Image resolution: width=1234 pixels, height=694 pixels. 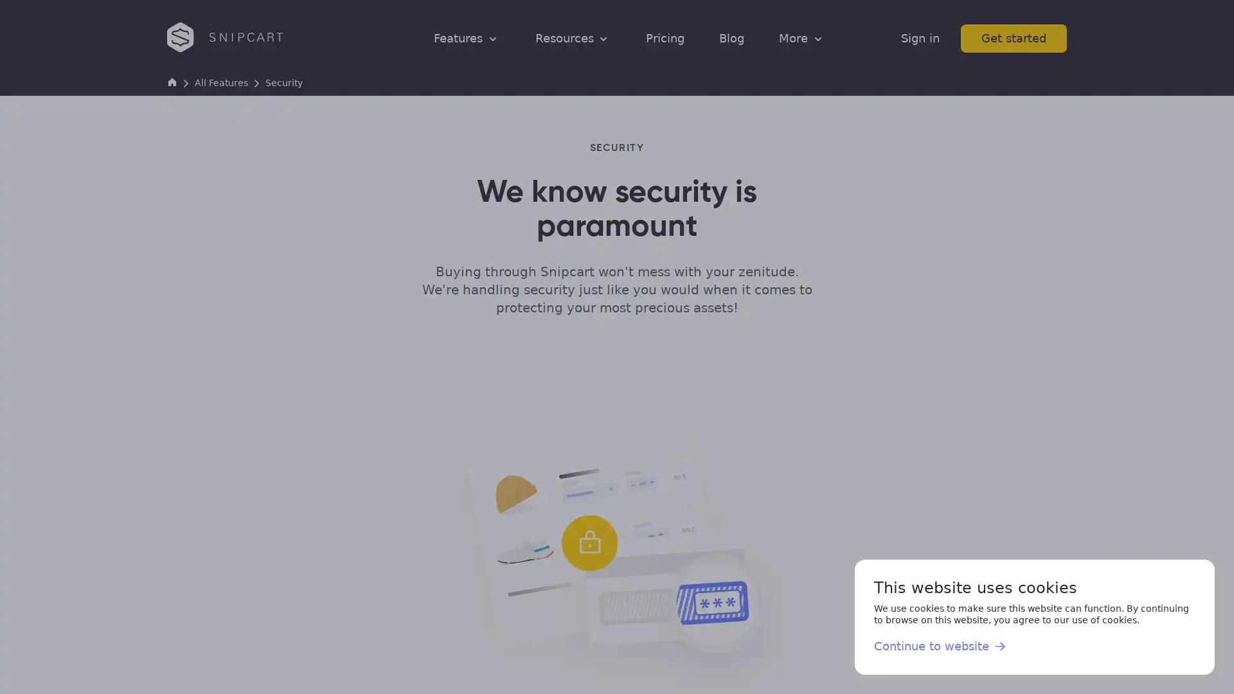 I want to click on Continue to website, so click(x=940, y=646).